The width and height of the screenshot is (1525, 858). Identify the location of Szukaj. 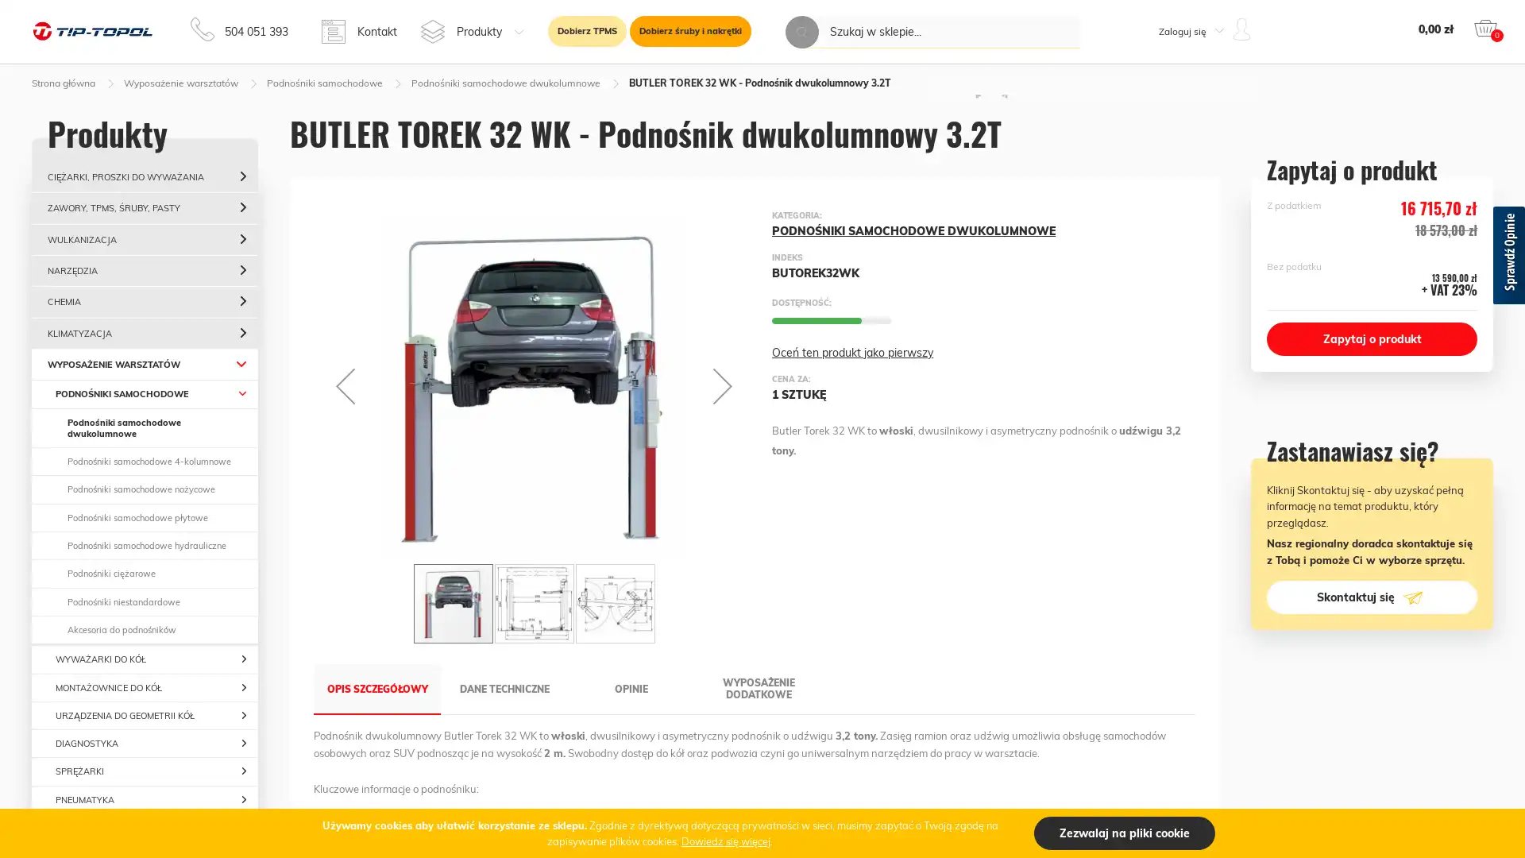
(801, 32).